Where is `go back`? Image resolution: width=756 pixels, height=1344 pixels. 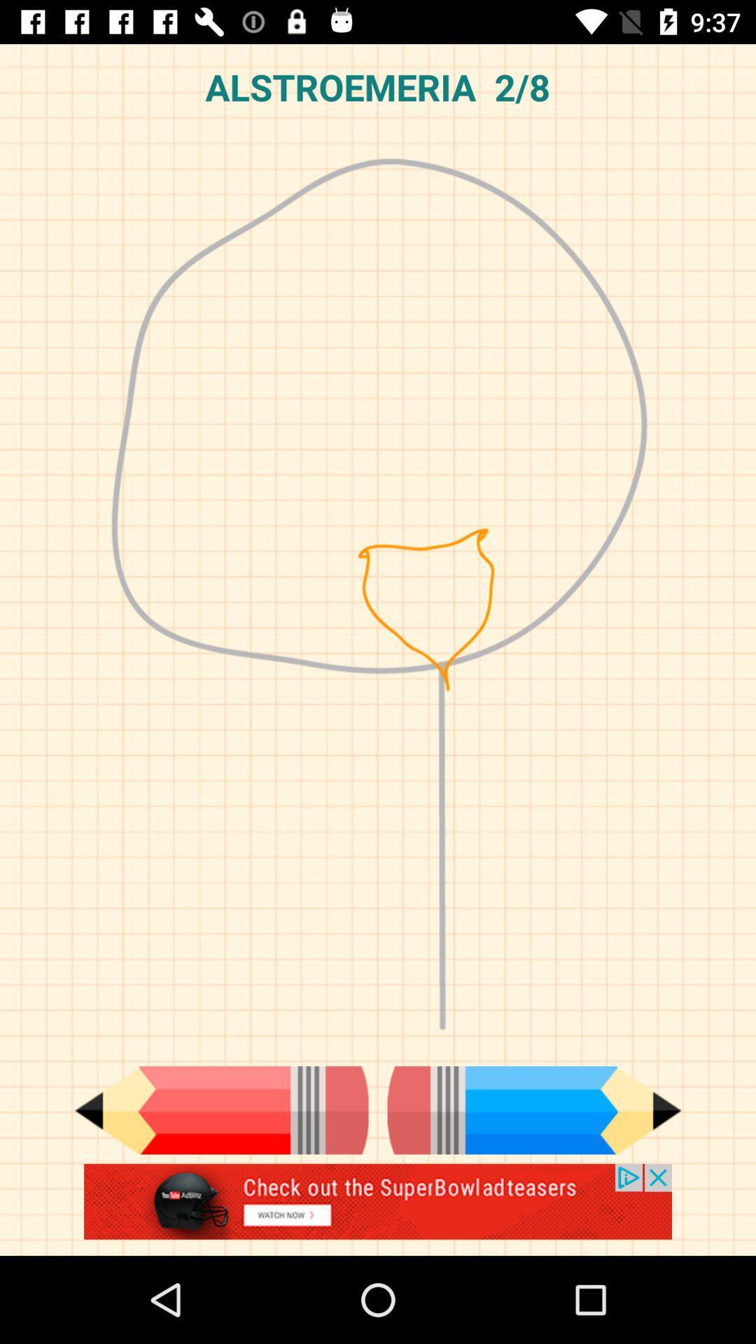 go back is located at coordinates (220, 1109).